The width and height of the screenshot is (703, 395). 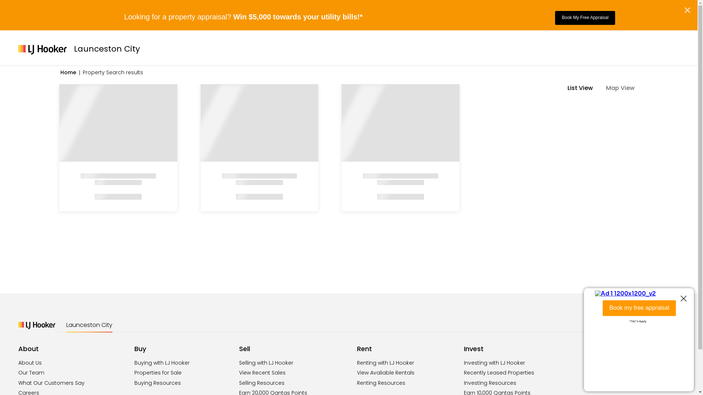 I want to click on 'Investing Resources', so click(x=490, y=382).